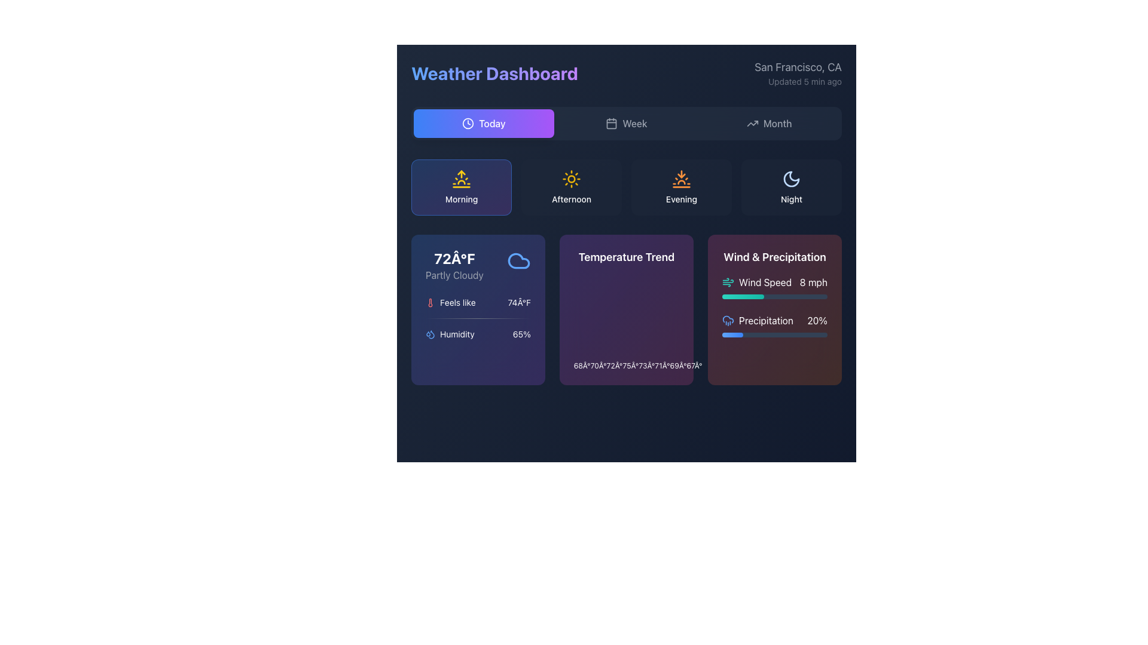 The width and height of the screenshot is (1148, 645). I want to click on the blue crescent moon icon located in the 'Night' section of the upper grid, so click(792, 179).